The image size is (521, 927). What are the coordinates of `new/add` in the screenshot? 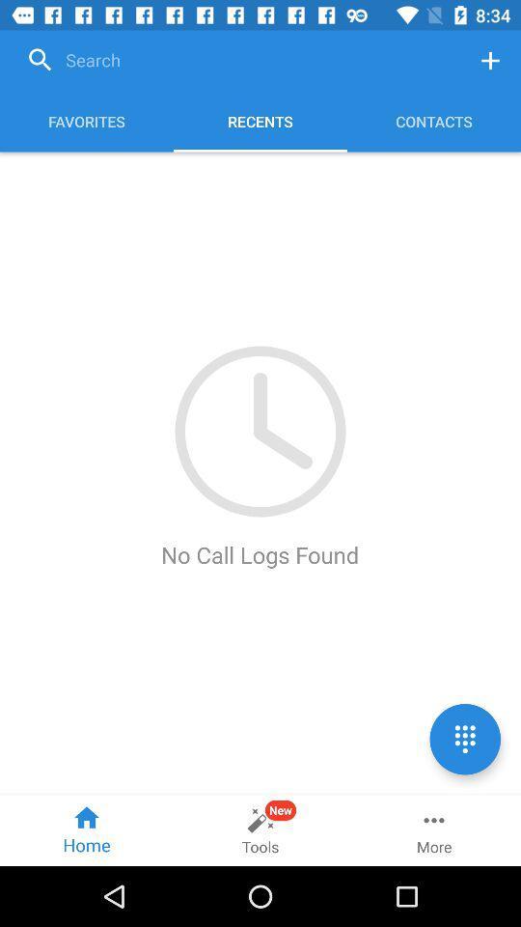 It's located at (490, 60).